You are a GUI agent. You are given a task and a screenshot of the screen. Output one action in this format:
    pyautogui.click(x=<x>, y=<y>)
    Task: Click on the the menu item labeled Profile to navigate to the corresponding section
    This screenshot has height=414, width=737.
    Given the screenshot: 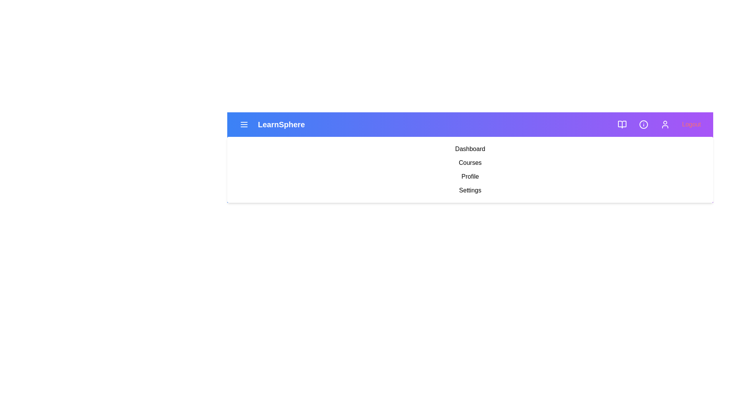 What is the action you would take?
    pyautogui.click(x=469, y=177)
    